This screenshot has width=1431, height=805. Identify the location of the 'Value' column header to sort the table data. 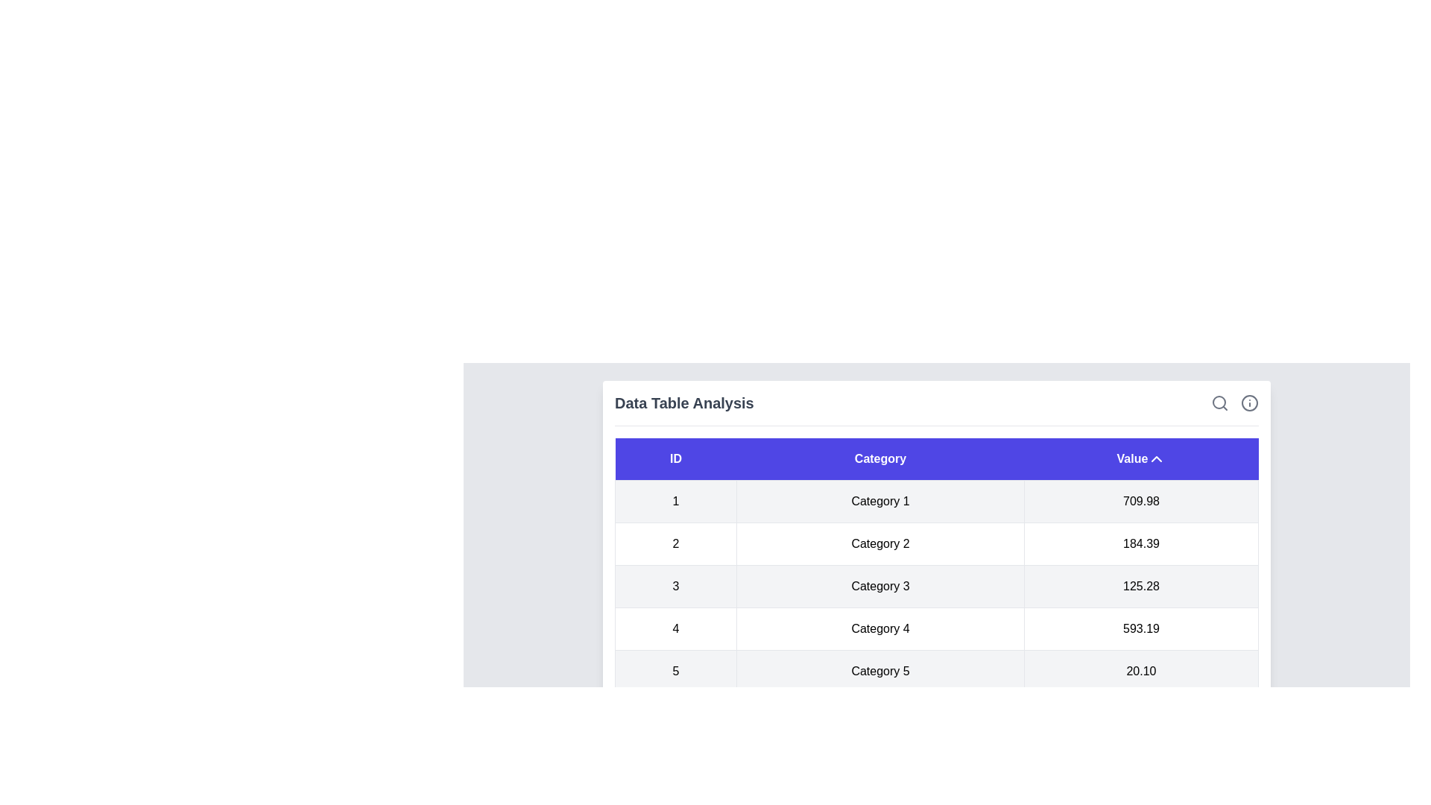
(1140, 458).